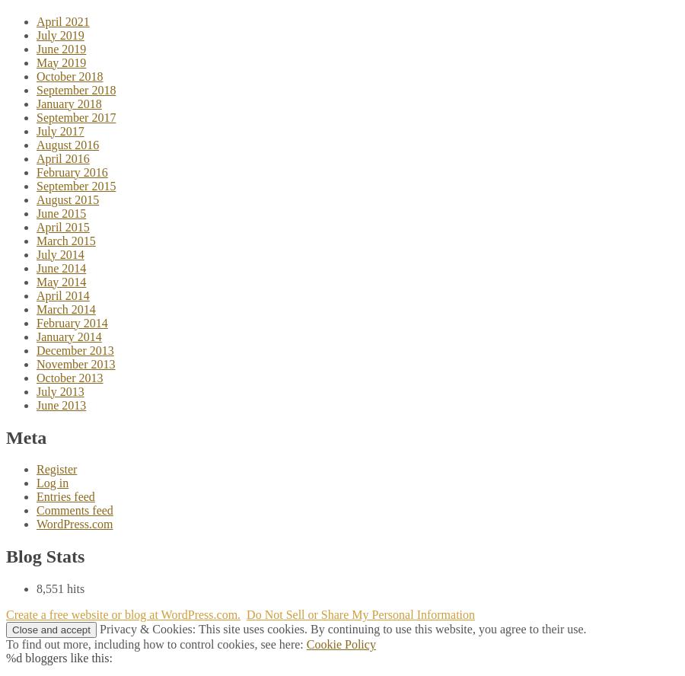  I want to click on 'August 2015', so click(67, 199).